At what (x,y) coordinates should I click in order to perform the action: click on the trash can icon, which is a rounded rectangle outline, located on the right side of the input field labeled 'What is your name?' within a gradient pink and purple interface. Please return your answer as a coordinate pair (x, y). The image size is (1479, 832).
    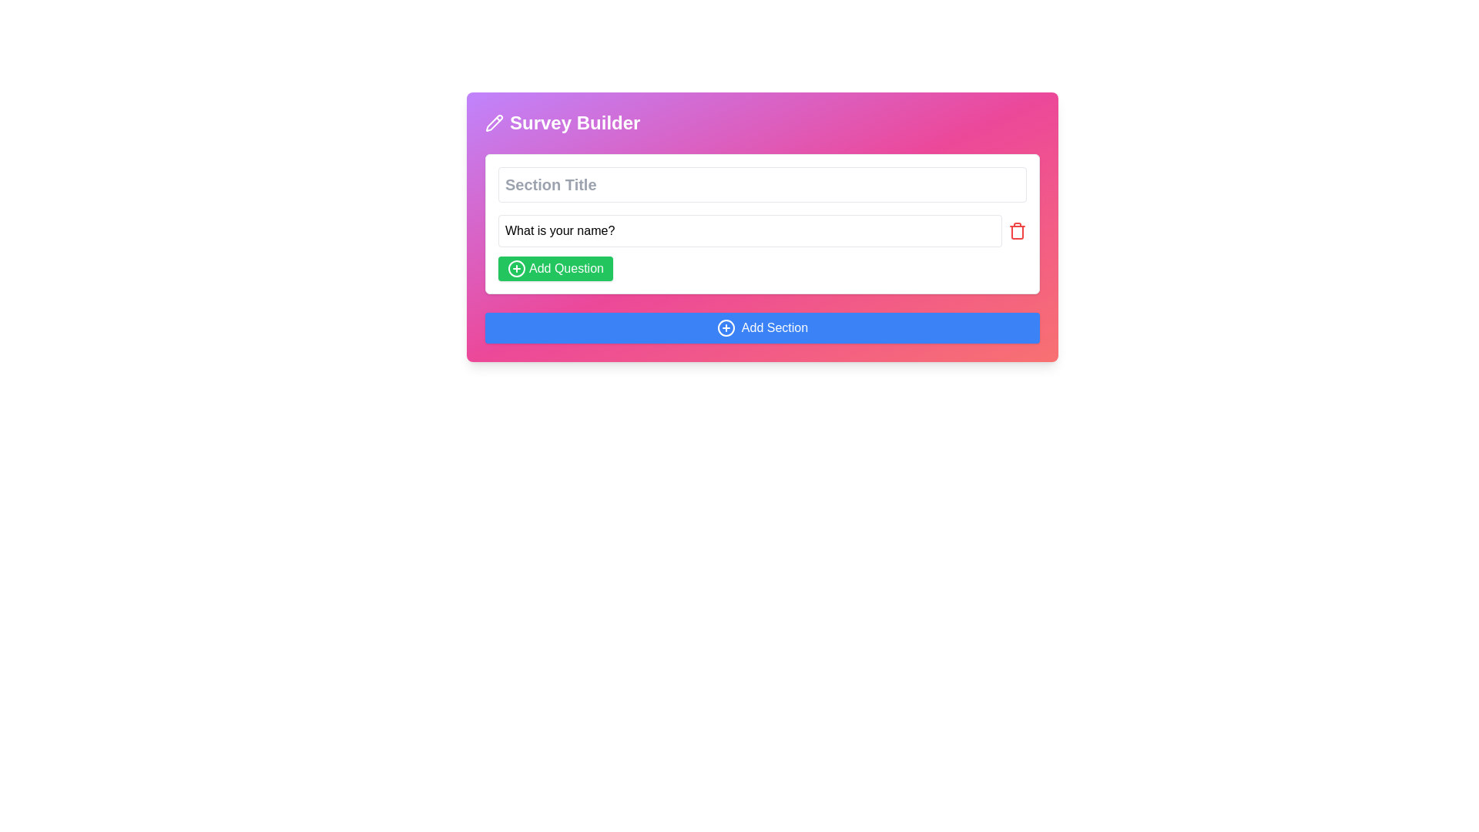
    Looking at the image, I should click on (1017, 232).